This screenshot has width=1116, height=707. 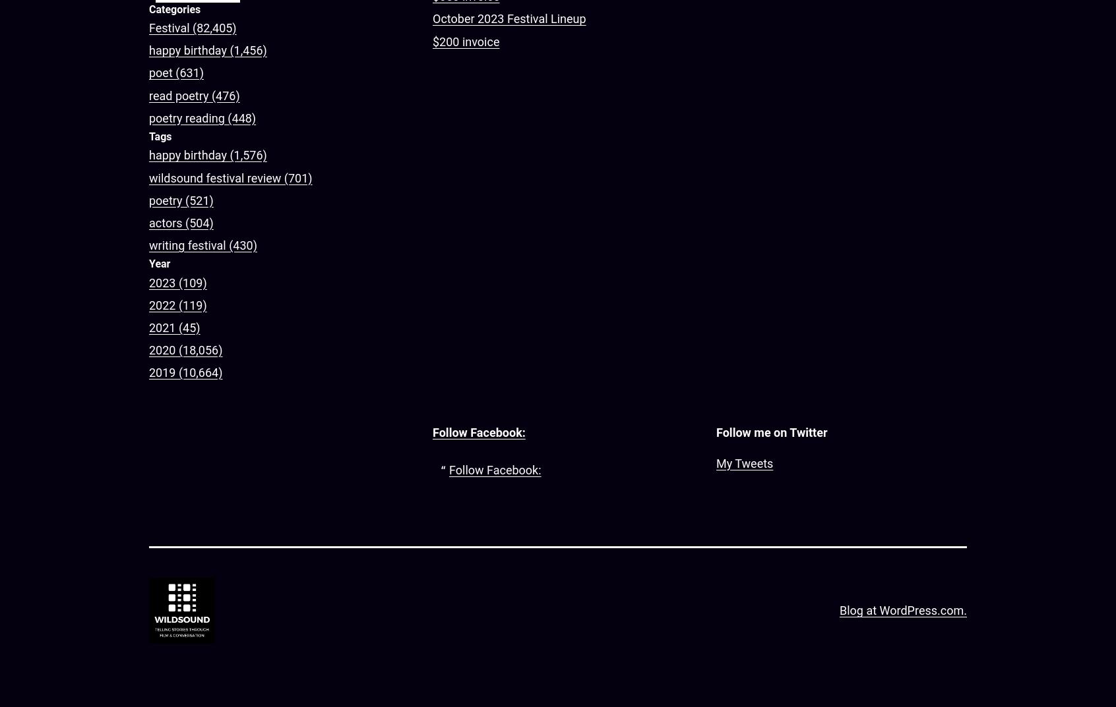 I want to click on 'poet (631)', so click(x=176, y=72).